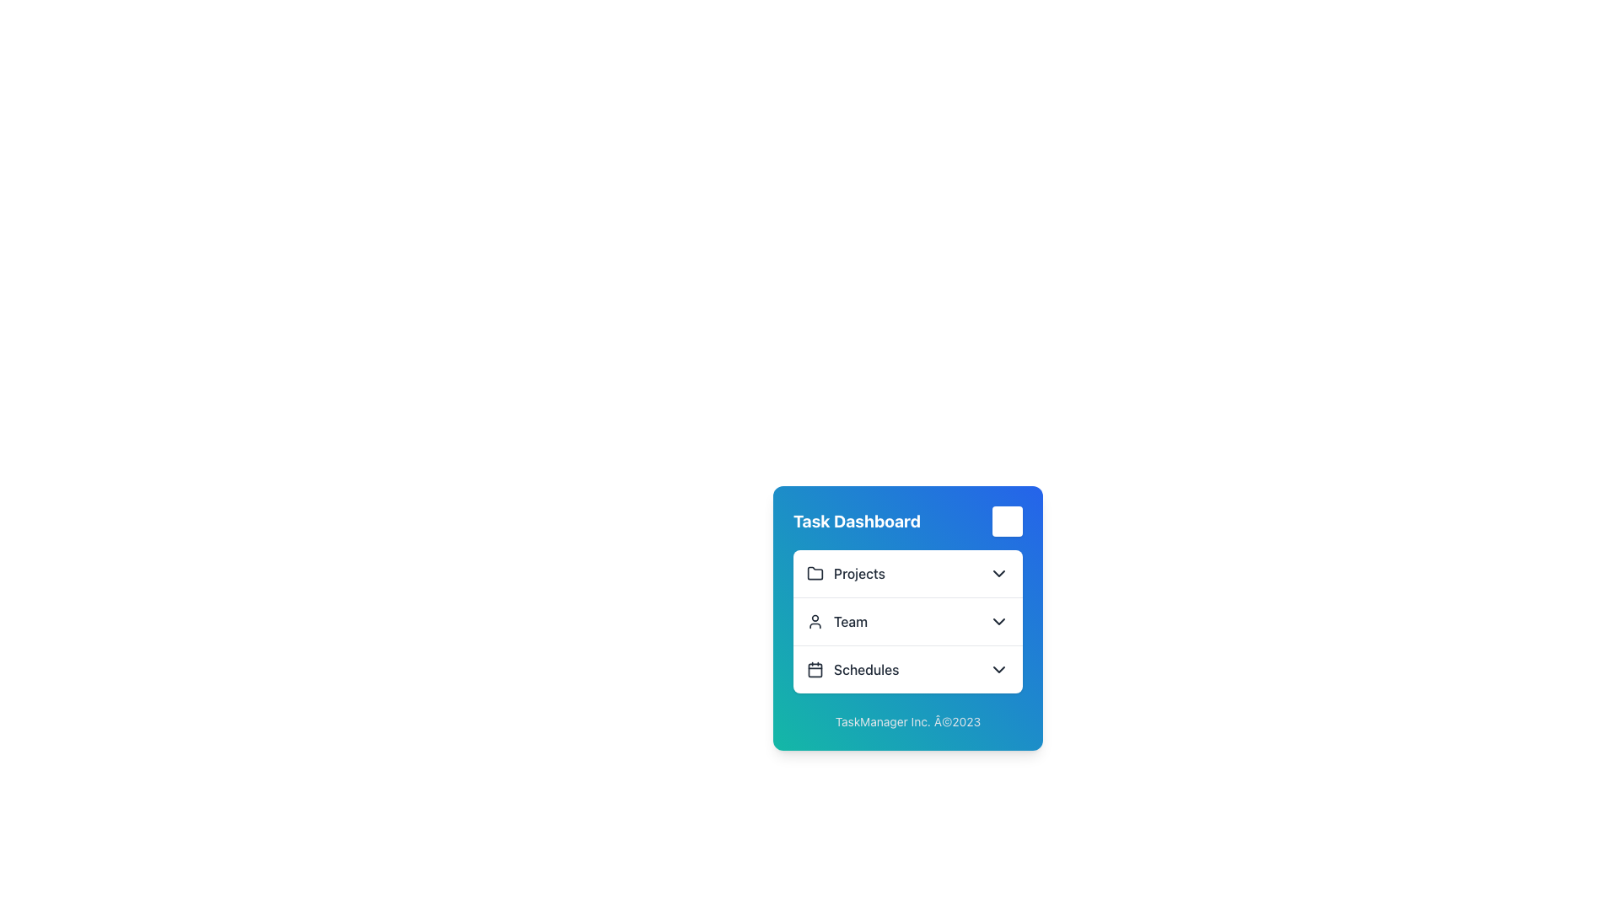 This screenshot has height=910, width=1619. I want to click on the Dropdown button located between the 'Projects' and 'Schedules' options in the white card section, so click(906, 621).